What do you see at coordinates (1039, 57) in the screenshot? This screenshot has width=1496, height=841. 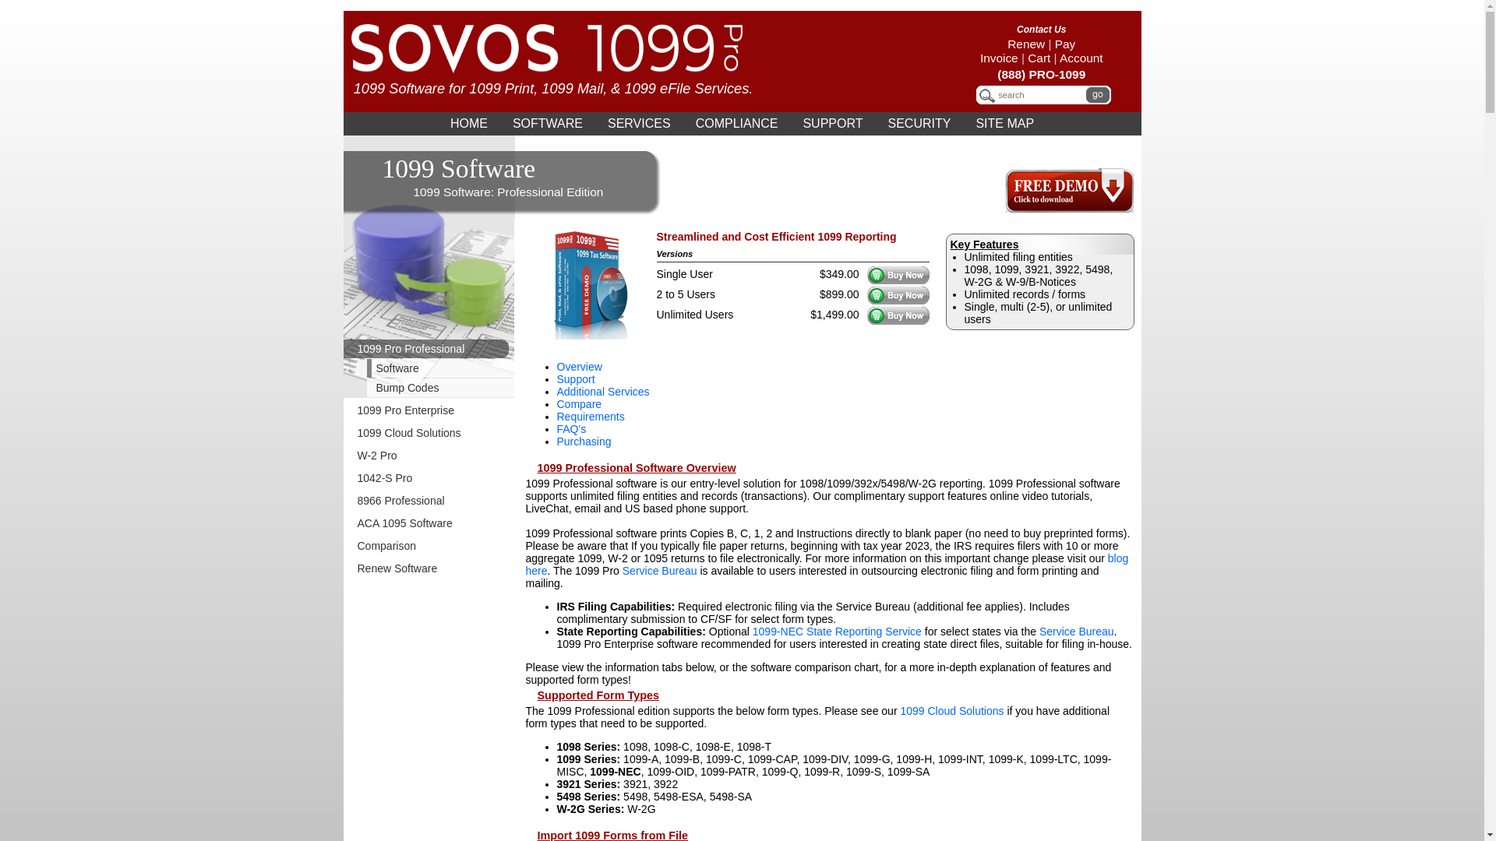 I see `'Cart'` at bounding box center [1039, 57].